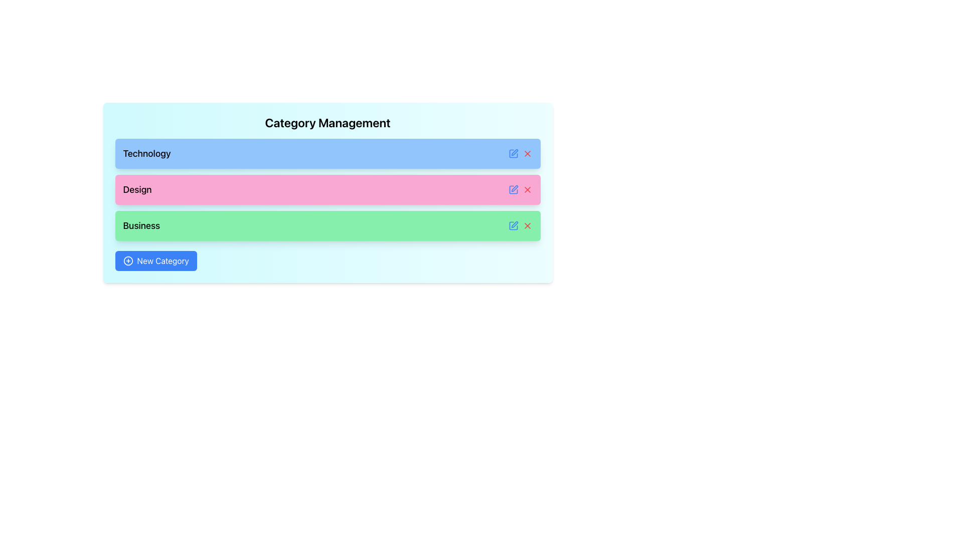  I want to click on the edit icon button located to the left of the delete 'X' icon in the 'Business' row to initiate editing, so click(515, 224).